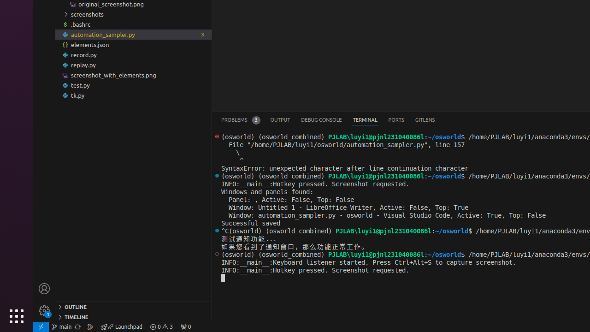 The image size is (590, 332). What do you see at coordinates (90, 326) in the screenshot?
I see `'Show the GitLens Commit Graph'` at bounding box center [90, 326].